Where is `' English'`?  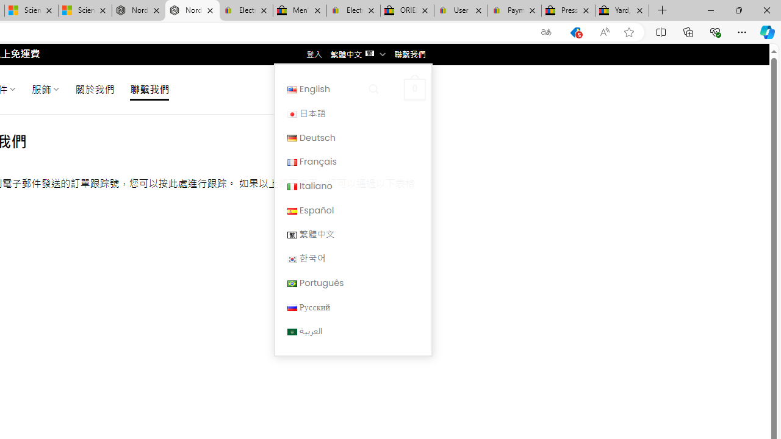
' English' is located at coordinates (352, 88).